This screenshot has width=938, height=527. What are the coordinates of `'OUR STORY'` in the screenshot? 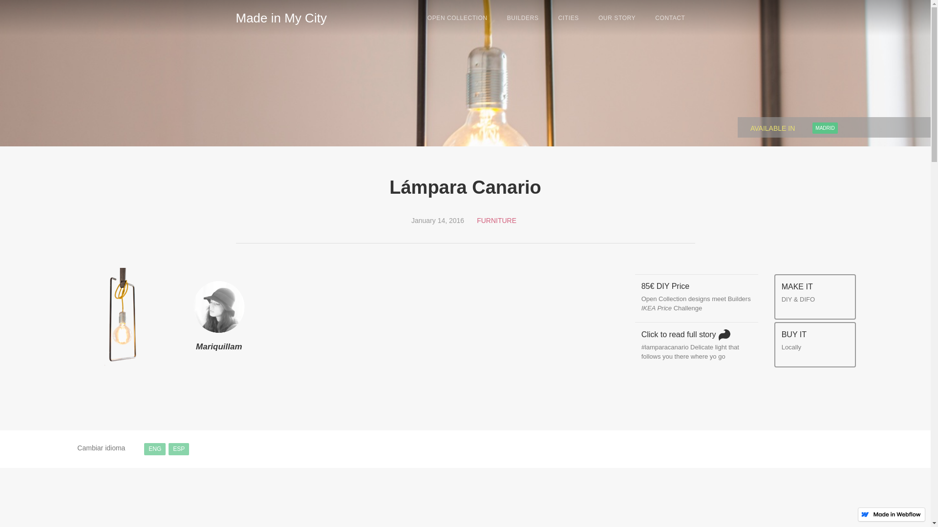 It's located at (616, 18).